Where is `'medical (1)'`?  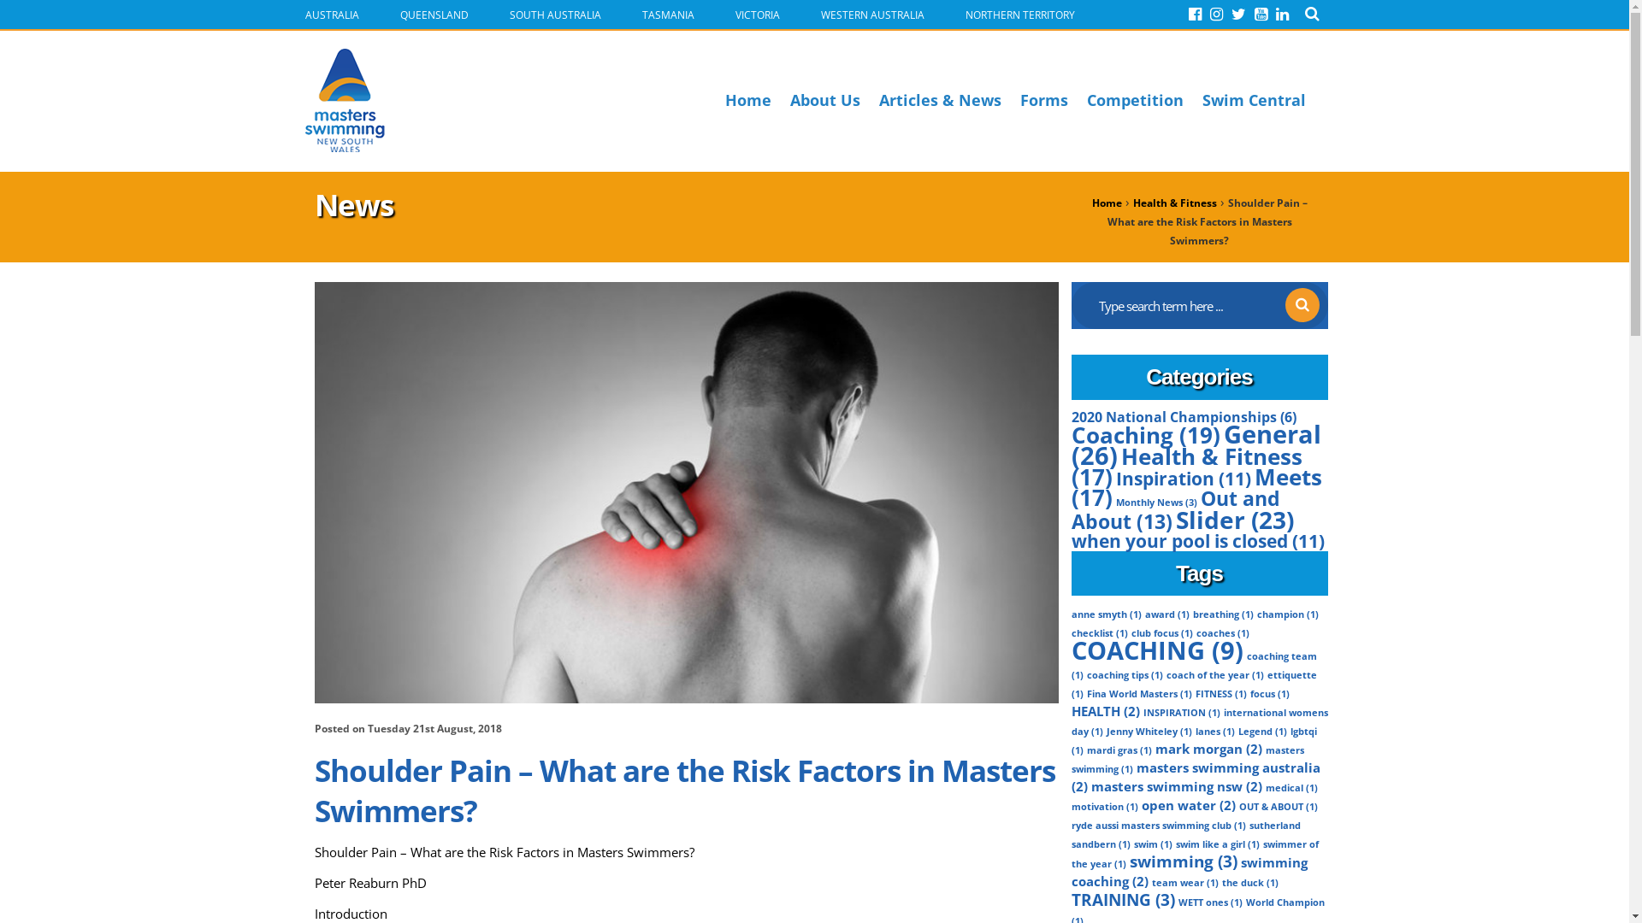 'medical (1)' is located at coordinates (1291, 787).